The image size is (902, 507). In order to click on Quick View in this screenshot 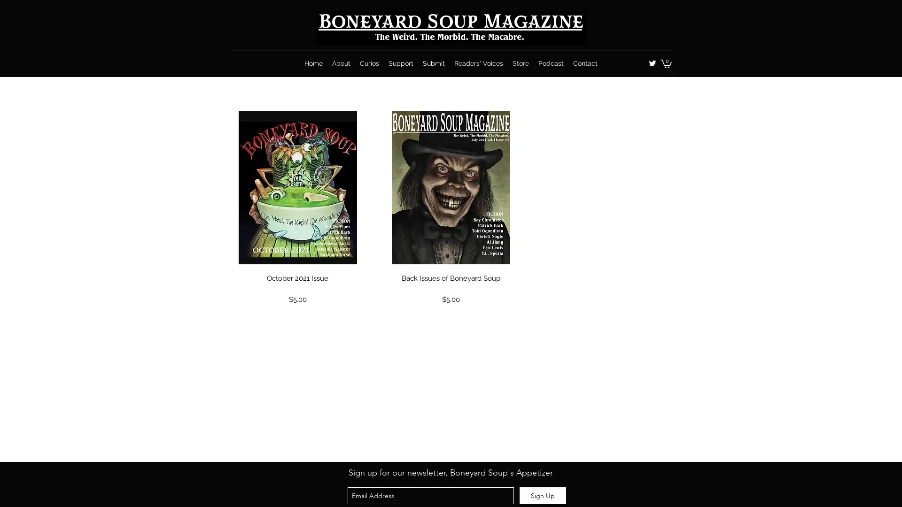, I will do `click(450, 275)`.